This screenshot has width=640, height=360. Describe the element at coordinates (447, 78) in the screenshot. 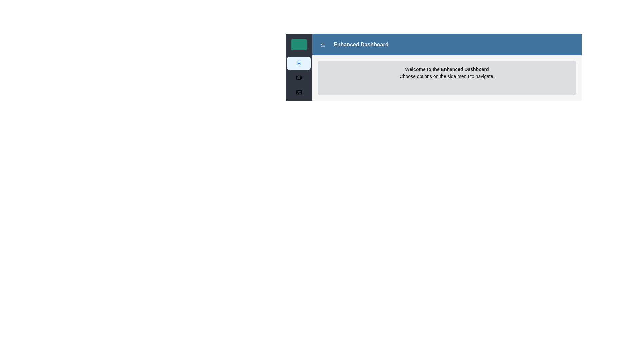

I see `text from the Informational panel located below the blue header bar labeled 'Enhanced Dashboard', positioned centrally in the viewport` at that location.